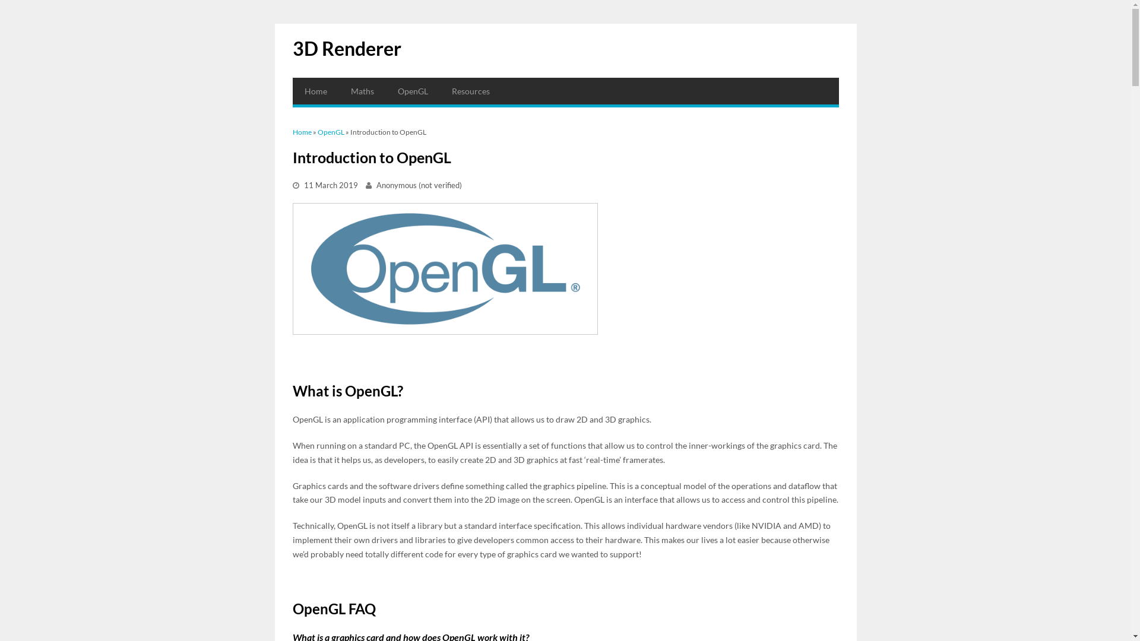  I want to click on 'Resources', so click(470, 90).